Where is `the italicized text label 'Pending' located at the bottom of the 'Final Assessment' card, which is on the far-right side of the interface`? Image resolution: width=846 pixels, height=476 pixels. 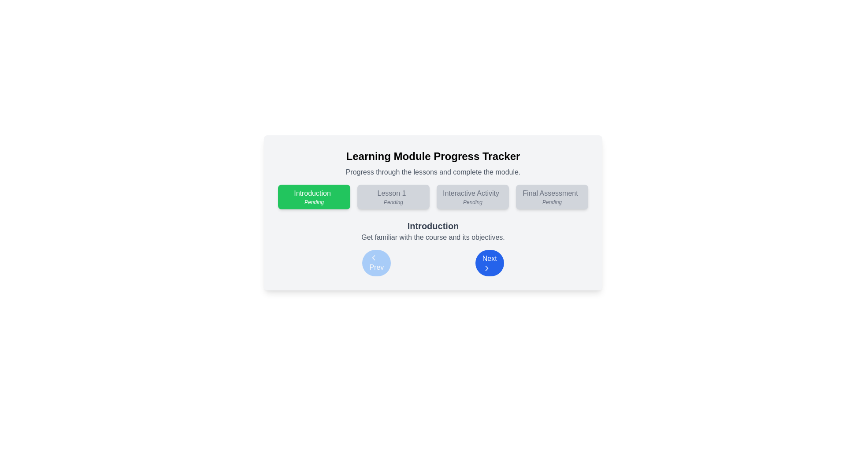
the italicized text label 'Pending' located at the bottom of the 'Final Assessment' card, which is on the far-right side of the interface is located at coordinates (551, 202).